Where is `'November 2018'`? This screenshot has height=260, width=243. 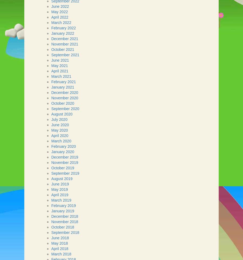
'November 2018' is located at coordinates (64, 222).